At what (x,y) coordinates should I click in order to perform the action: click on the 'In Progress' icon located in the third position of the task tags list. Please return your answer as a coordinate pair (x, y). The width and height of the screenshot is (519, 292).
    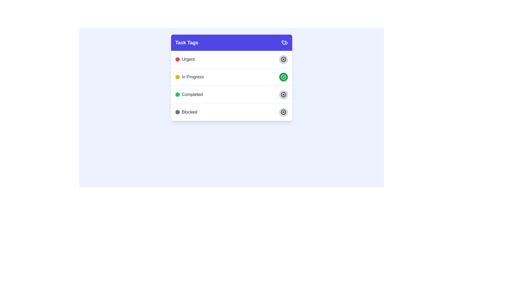
    Looking at the image, I should click on (283, 77).